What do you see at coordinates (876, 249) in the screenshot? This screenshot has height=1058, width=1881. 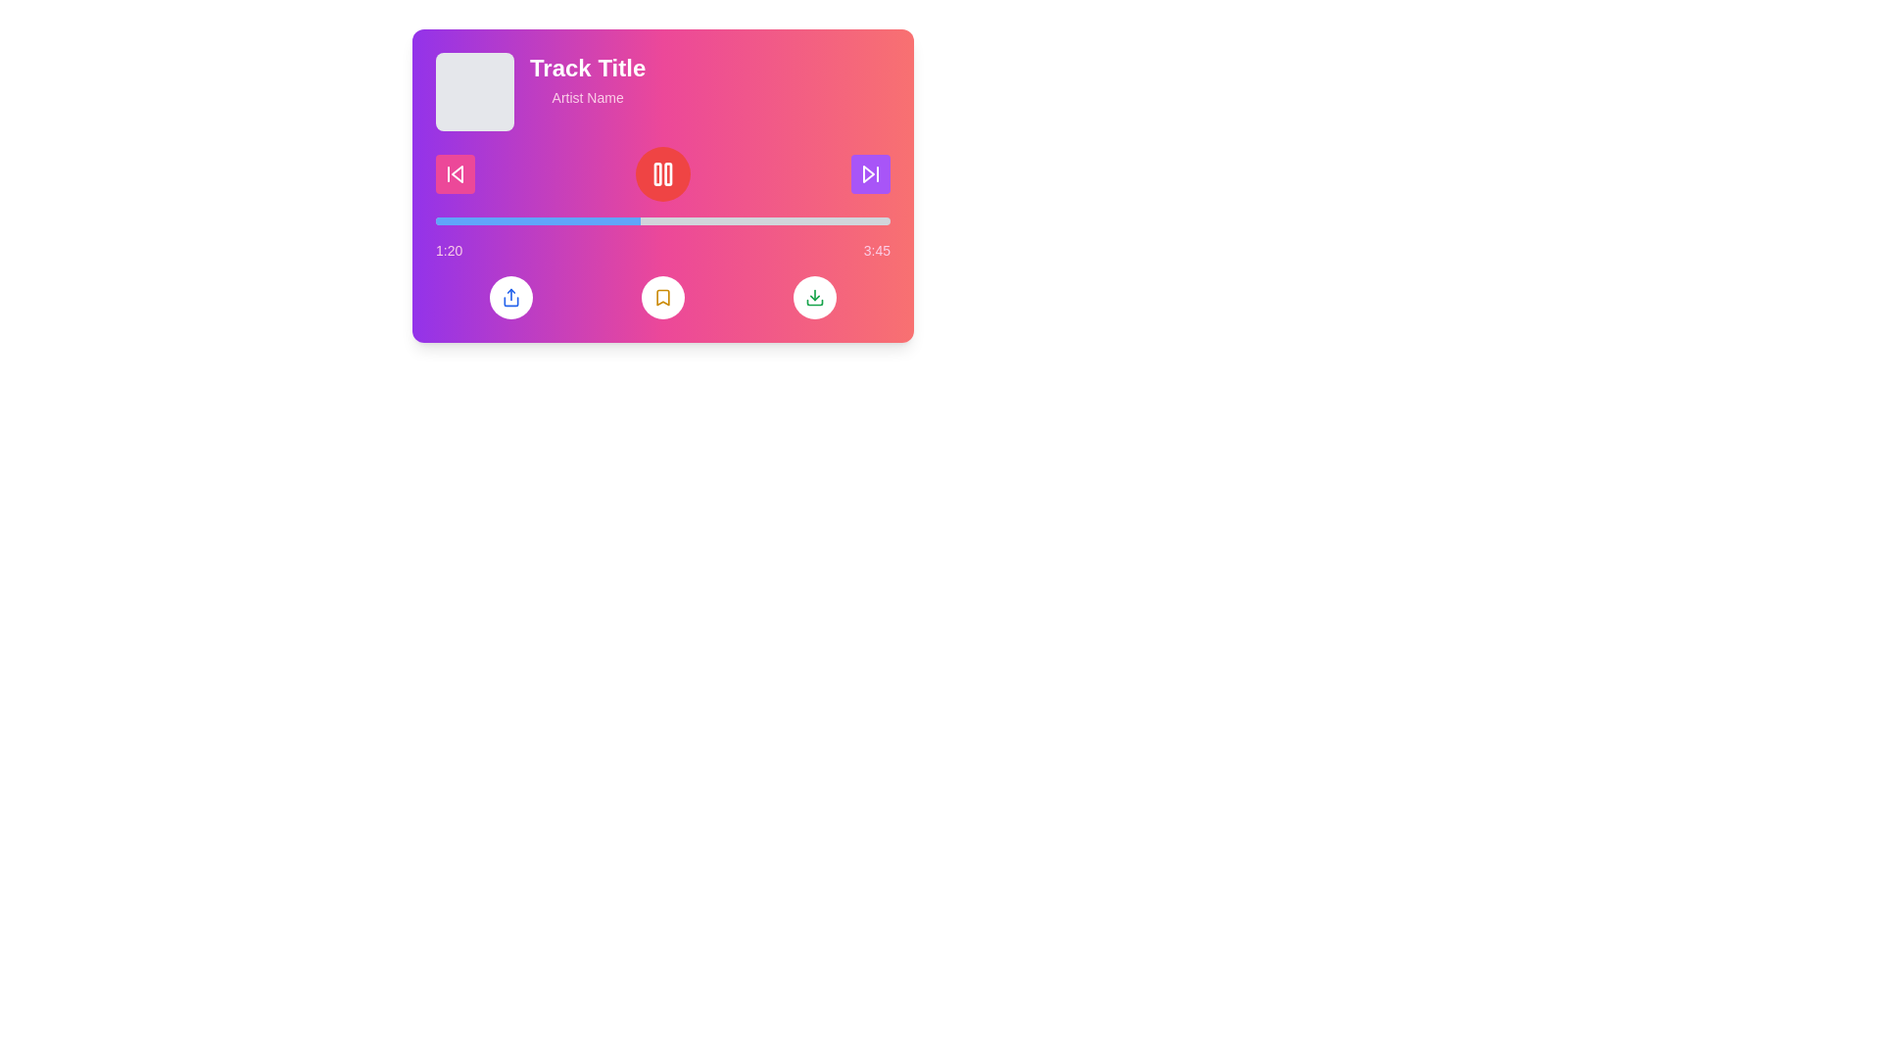 I see `the Text Display that shows the total duration of the currently playing track, located in the top-right corner of the music player panel` at bounding box center [876, 249].